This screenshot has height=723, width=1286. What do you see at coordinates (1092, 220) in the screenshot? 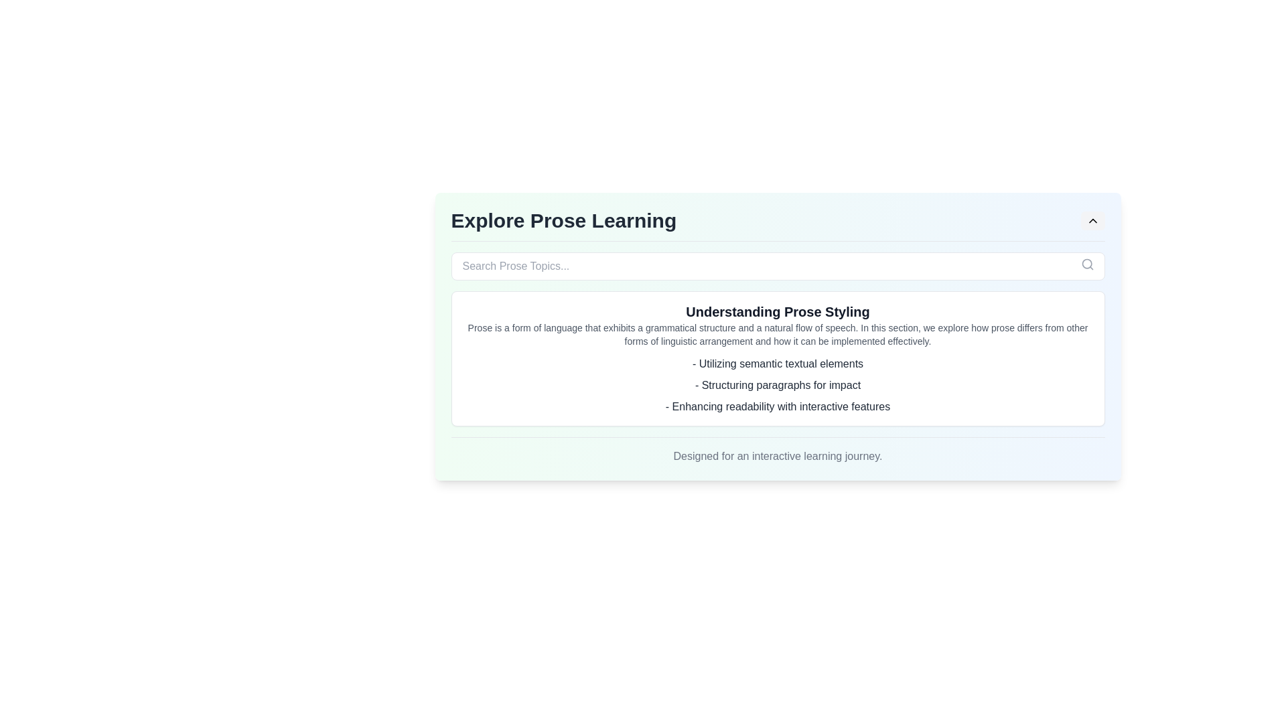
I see `the upward-pointing chevron button in the top-right corner of the 'Explore Prose Learning' panel` at bounding box center [1092, 220].